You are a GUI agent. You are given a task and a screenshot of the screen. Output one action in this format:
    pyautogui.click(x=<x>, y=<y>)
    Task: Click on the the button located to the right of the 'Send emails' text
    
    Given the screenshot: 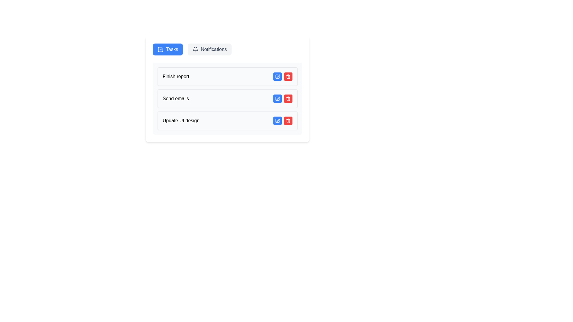 What is the action you would take?
    pyautogui.click(x=277, y=98)
    